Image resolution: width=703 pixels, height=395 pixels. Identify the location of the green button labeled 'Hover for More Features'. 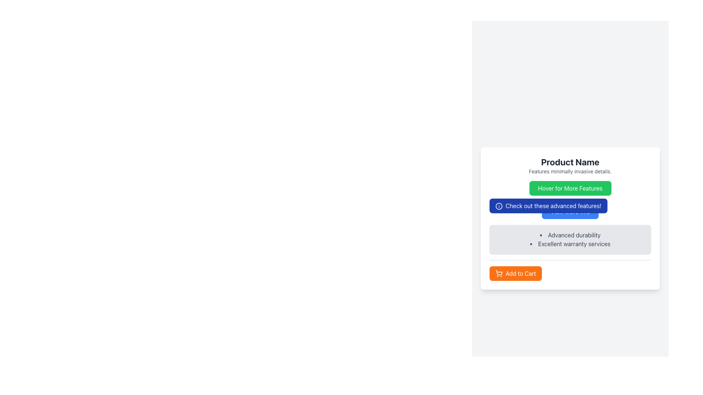
(570, 188).